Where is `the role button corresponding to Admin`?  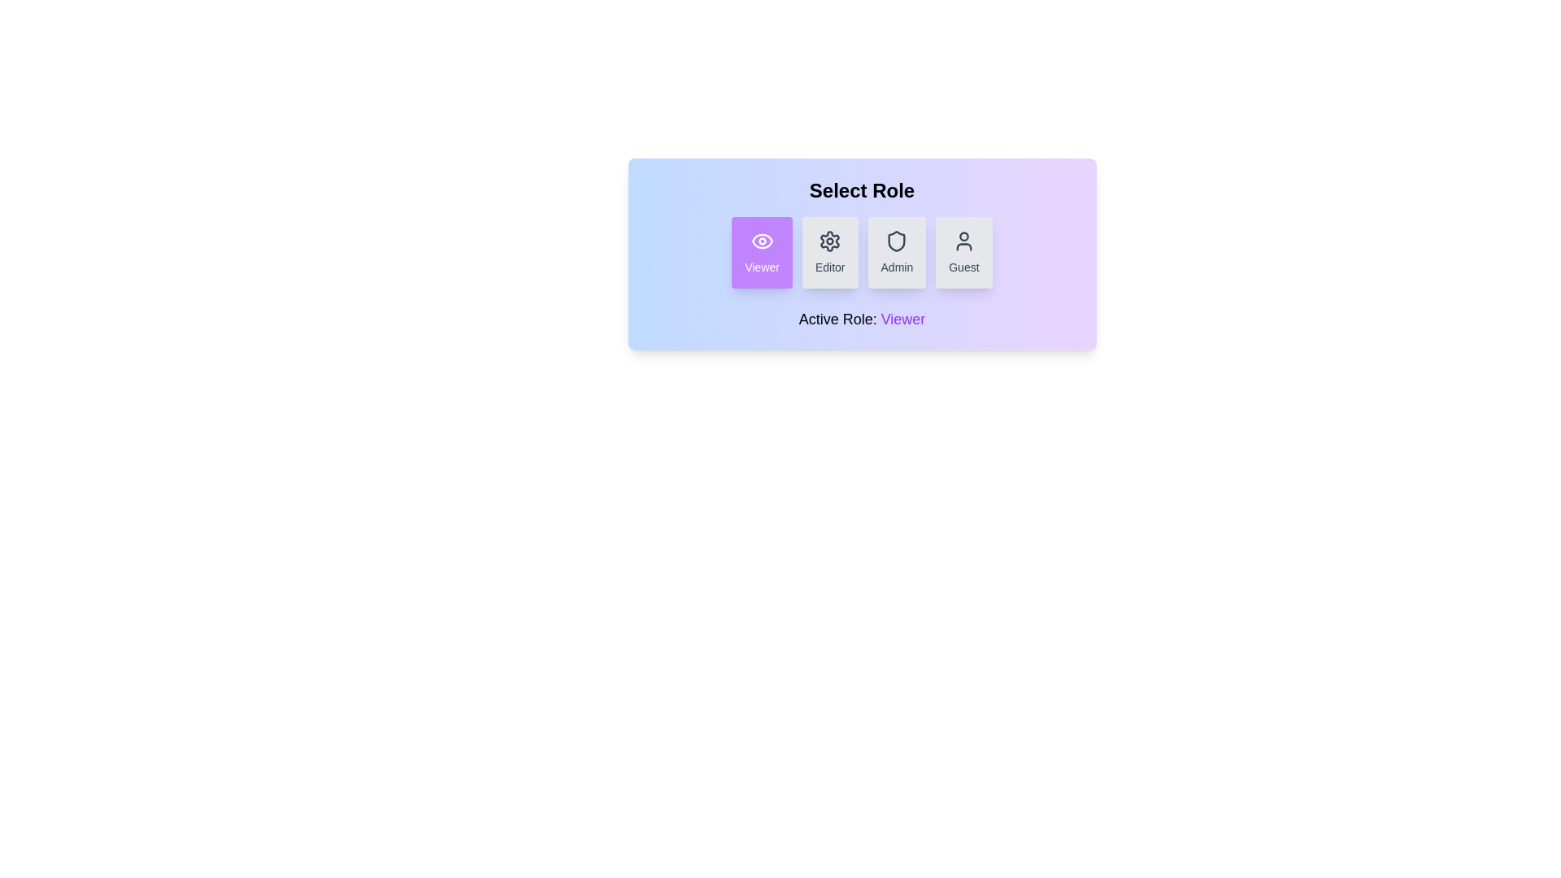 the role button corresponding to Admin is located at coordinates (896, 253).